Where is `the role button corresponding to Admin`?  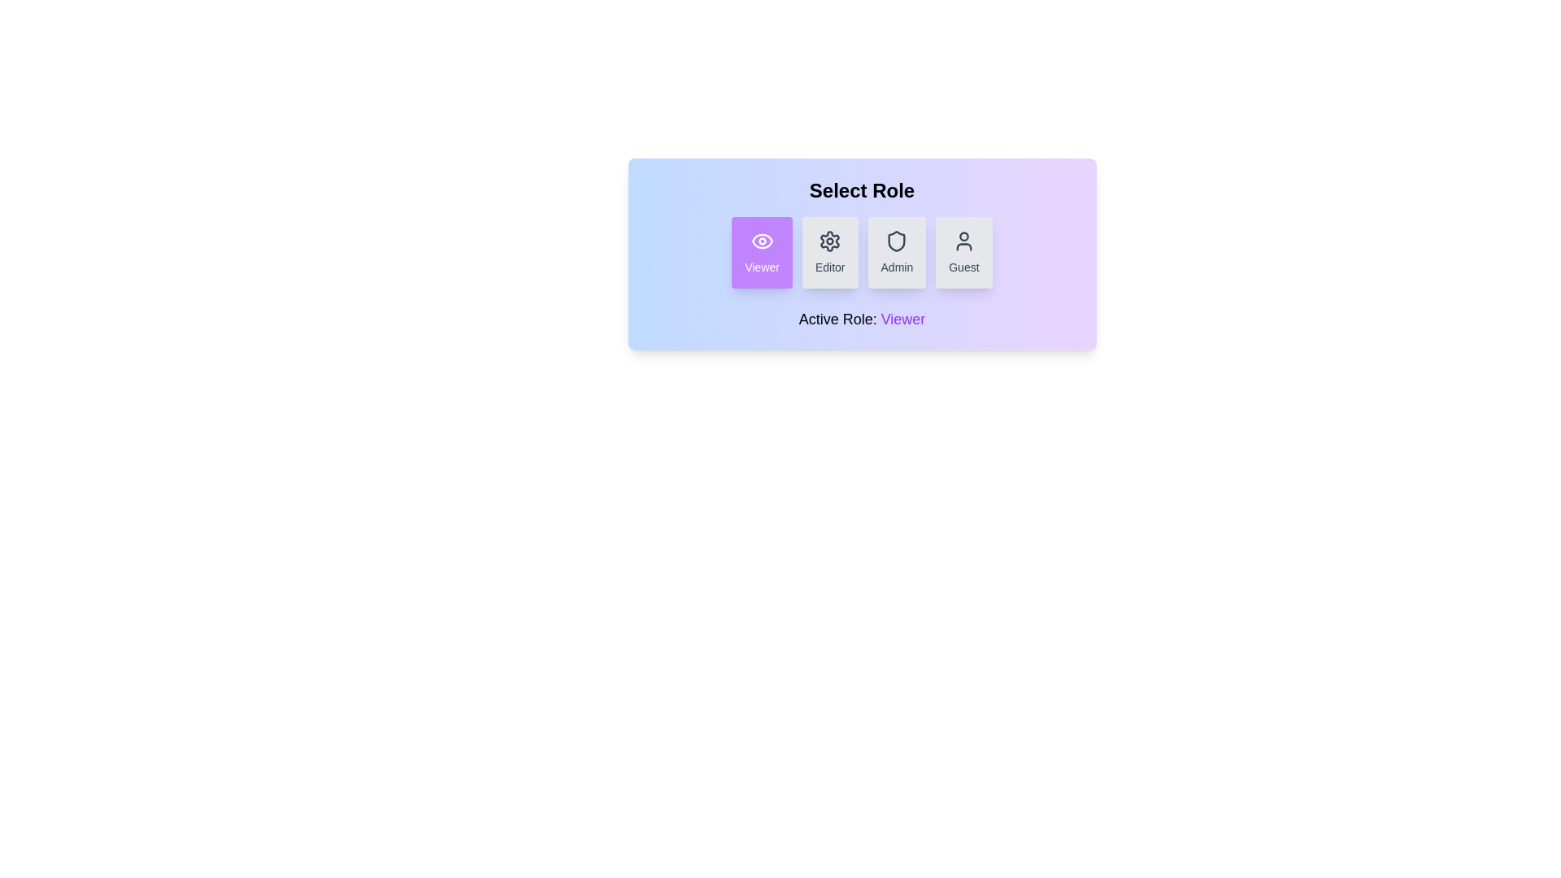 the role button corresponding to Admin is located at coordinates (896, 253).